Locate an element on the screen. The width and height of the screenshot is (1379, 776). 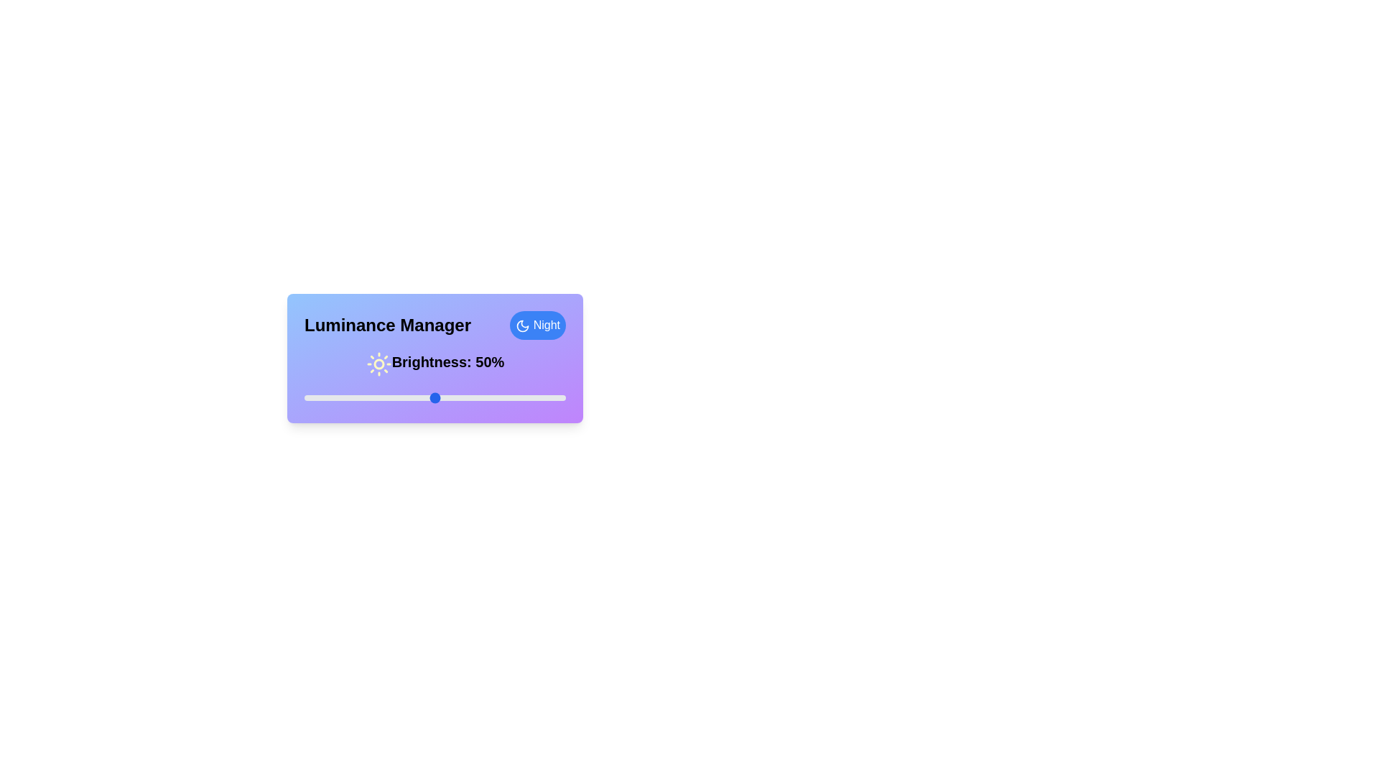
the luminance slider to 58% is located at coordinates (455, 398).